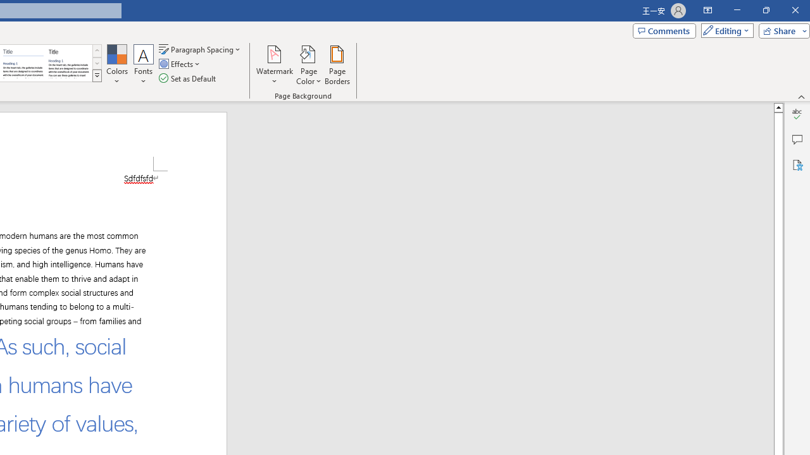  I want to click on 'Style Set', so click(96, 76).